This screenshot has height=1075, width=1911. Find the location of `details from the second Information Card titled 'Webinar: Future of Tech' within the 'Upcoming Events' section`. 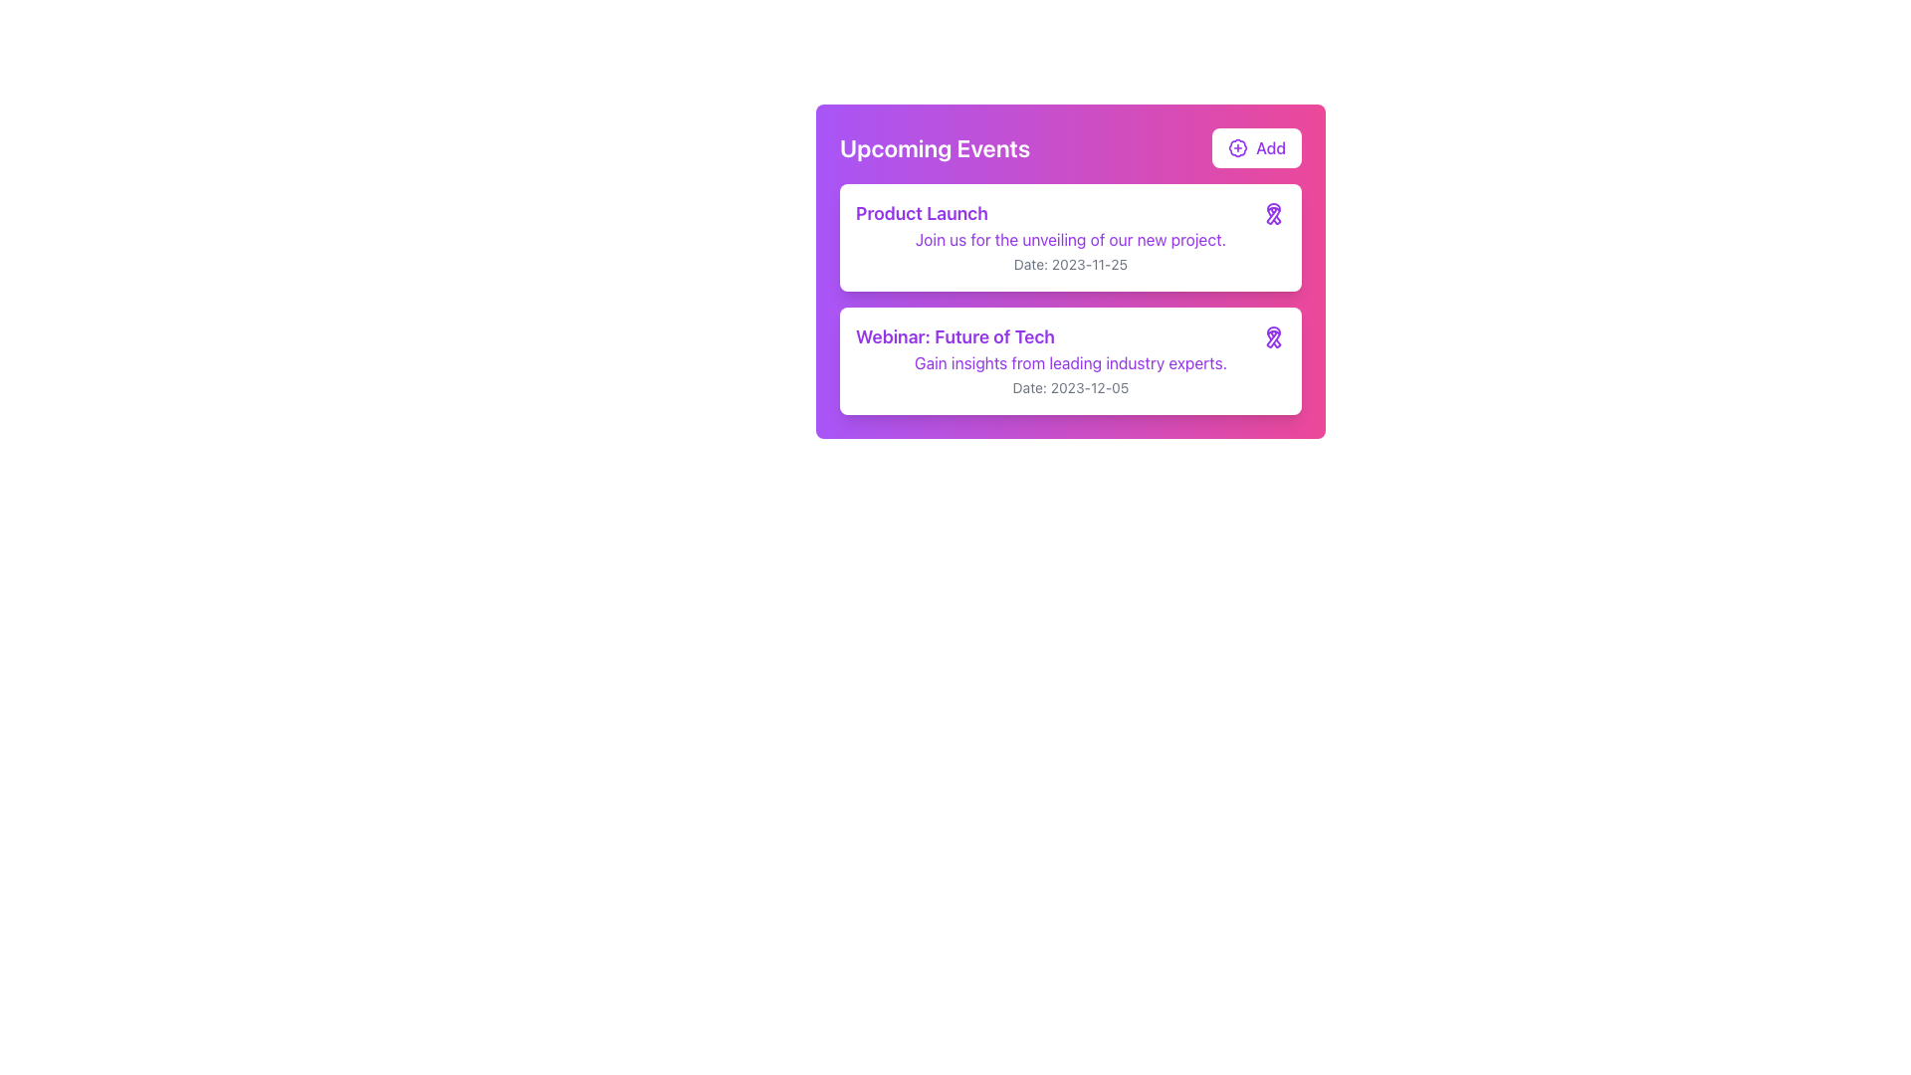

details from the second Information Card titled 'Webinar: Future of Tech' within the 'Upcoming Events' section is located at coordinates (1069, 360).